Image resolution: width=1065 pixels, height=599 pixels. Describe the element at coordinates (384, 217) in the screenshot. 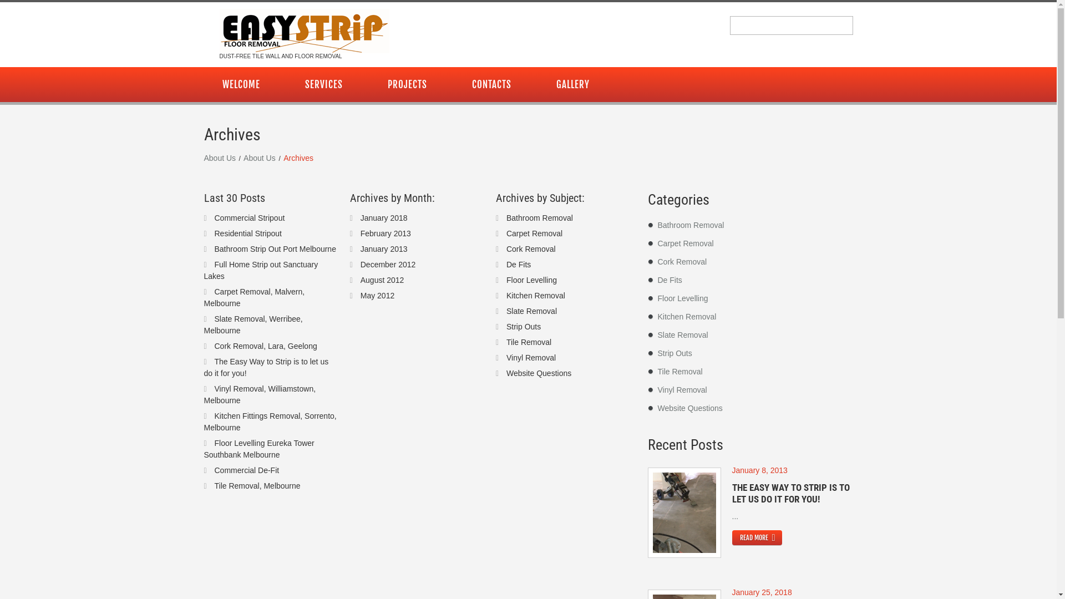

I see `'January 2018'` at that location.